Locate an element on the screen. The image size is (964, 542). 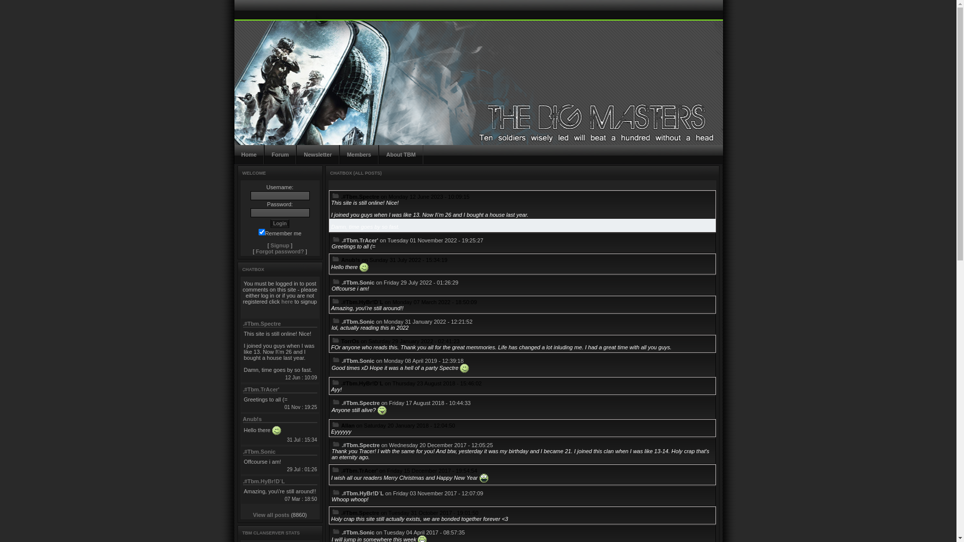
'Signup' is located at coordinates (270, 245).